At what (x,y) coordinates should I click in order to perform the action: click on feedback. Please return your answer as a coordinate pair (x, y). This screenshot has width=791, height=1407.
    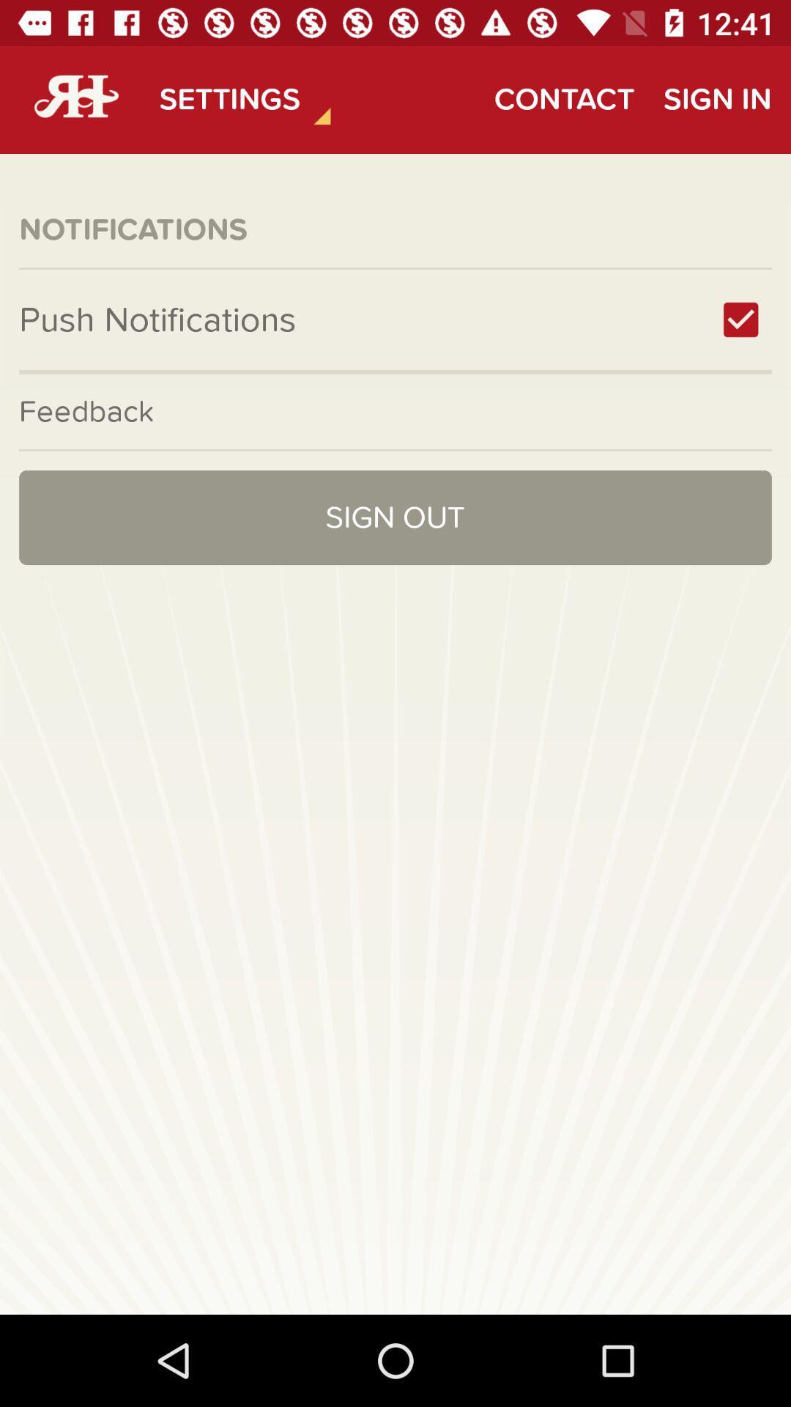
    Looking at the image, I should click on (395, 410).